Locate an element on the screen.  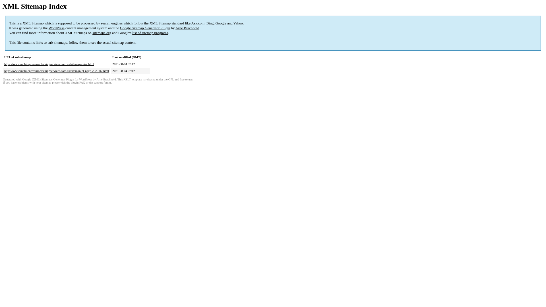
'WordPress' is located at coordinates (49, 28).